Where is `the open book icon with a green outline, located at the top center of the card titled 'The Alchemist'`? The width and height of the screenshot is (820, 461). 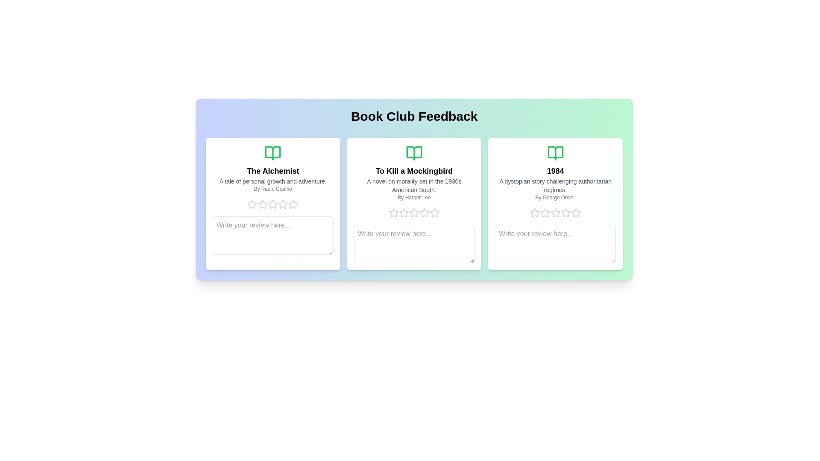
the open book icon with a green outline, located at the top center of the card titled 'The Alchemist' is located at coordinates (272, 152).